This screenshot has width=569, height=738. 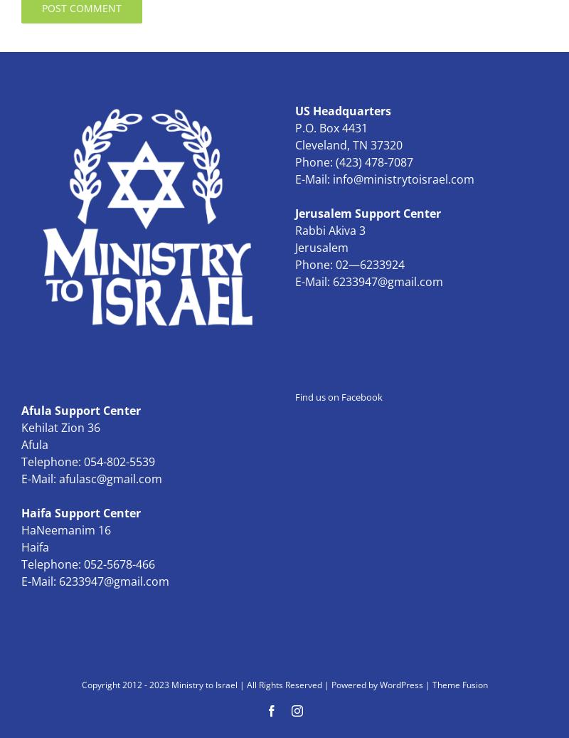 I want to click on 'Kehilat Zion 36', so click(x=21, y=428).